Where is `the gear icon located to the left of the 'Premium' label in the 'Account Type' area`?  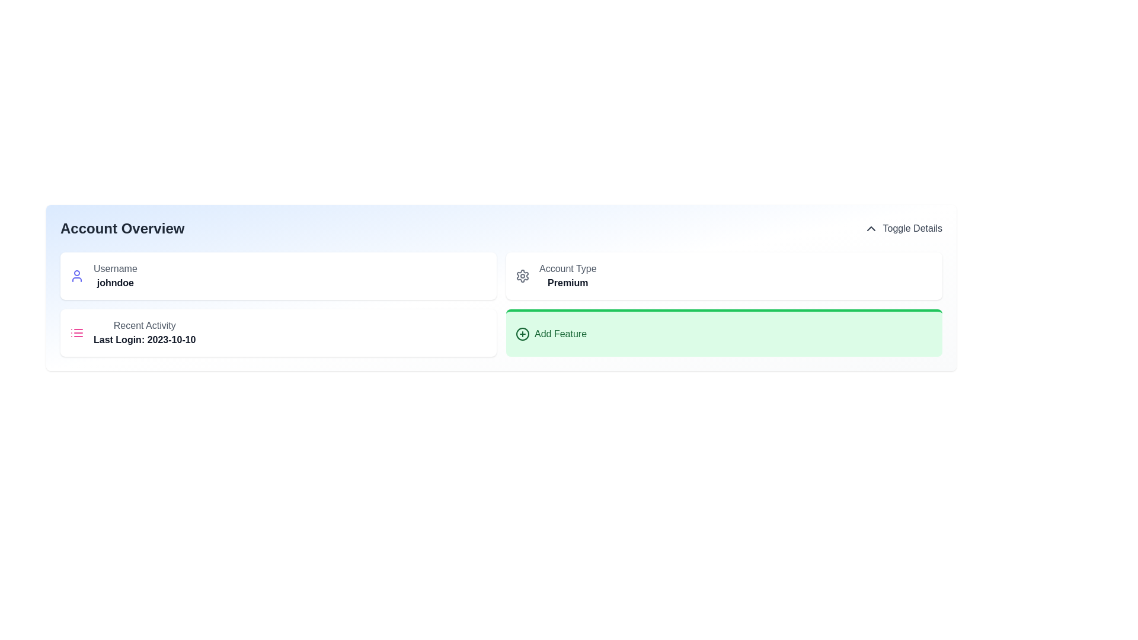
the gear icon located to the left of the 'Premium' label in the 'Account Type' area is located at coordinates (522, 276).